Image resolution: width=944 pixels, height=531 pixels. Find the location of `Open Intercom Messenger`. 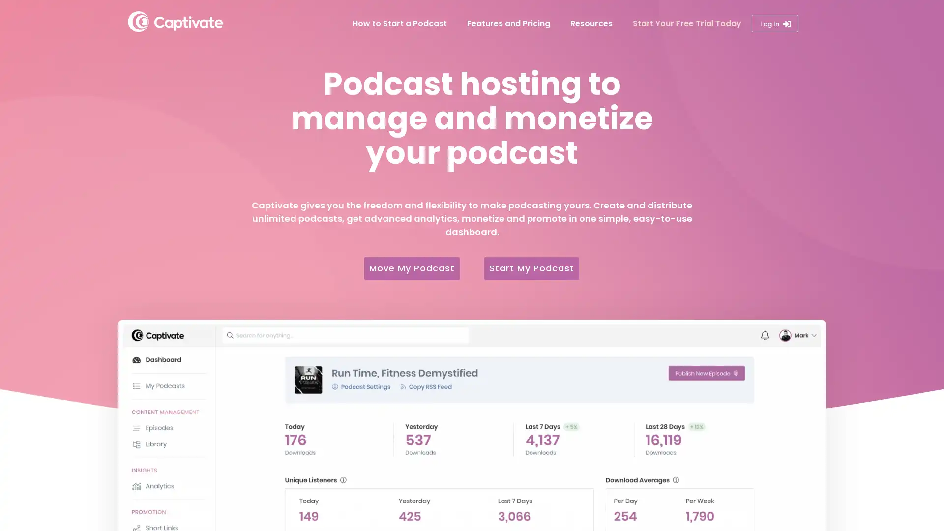

Open Intercom Messenger is located at coordinates (914, 501).